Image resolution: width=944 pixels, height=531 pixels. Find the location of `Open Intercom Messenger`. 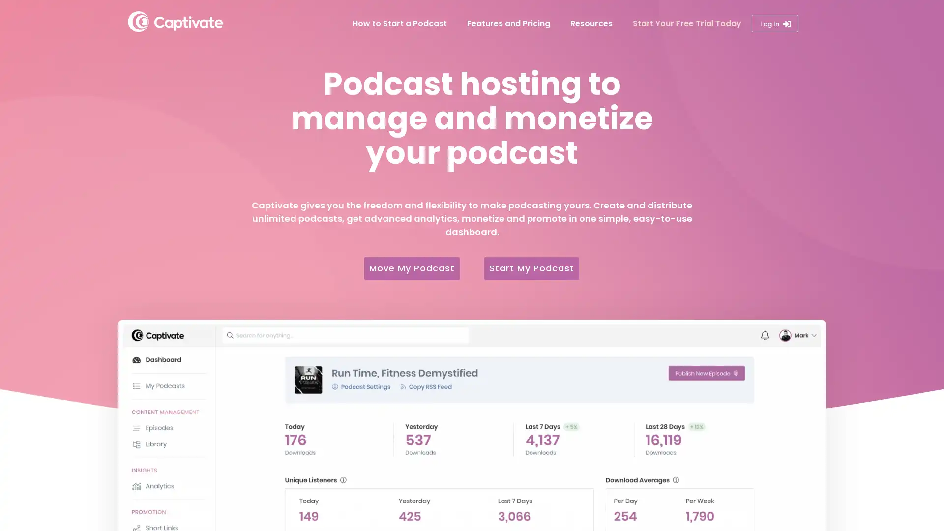

Open Intercom Messenger is located at coordinates (914, 501).